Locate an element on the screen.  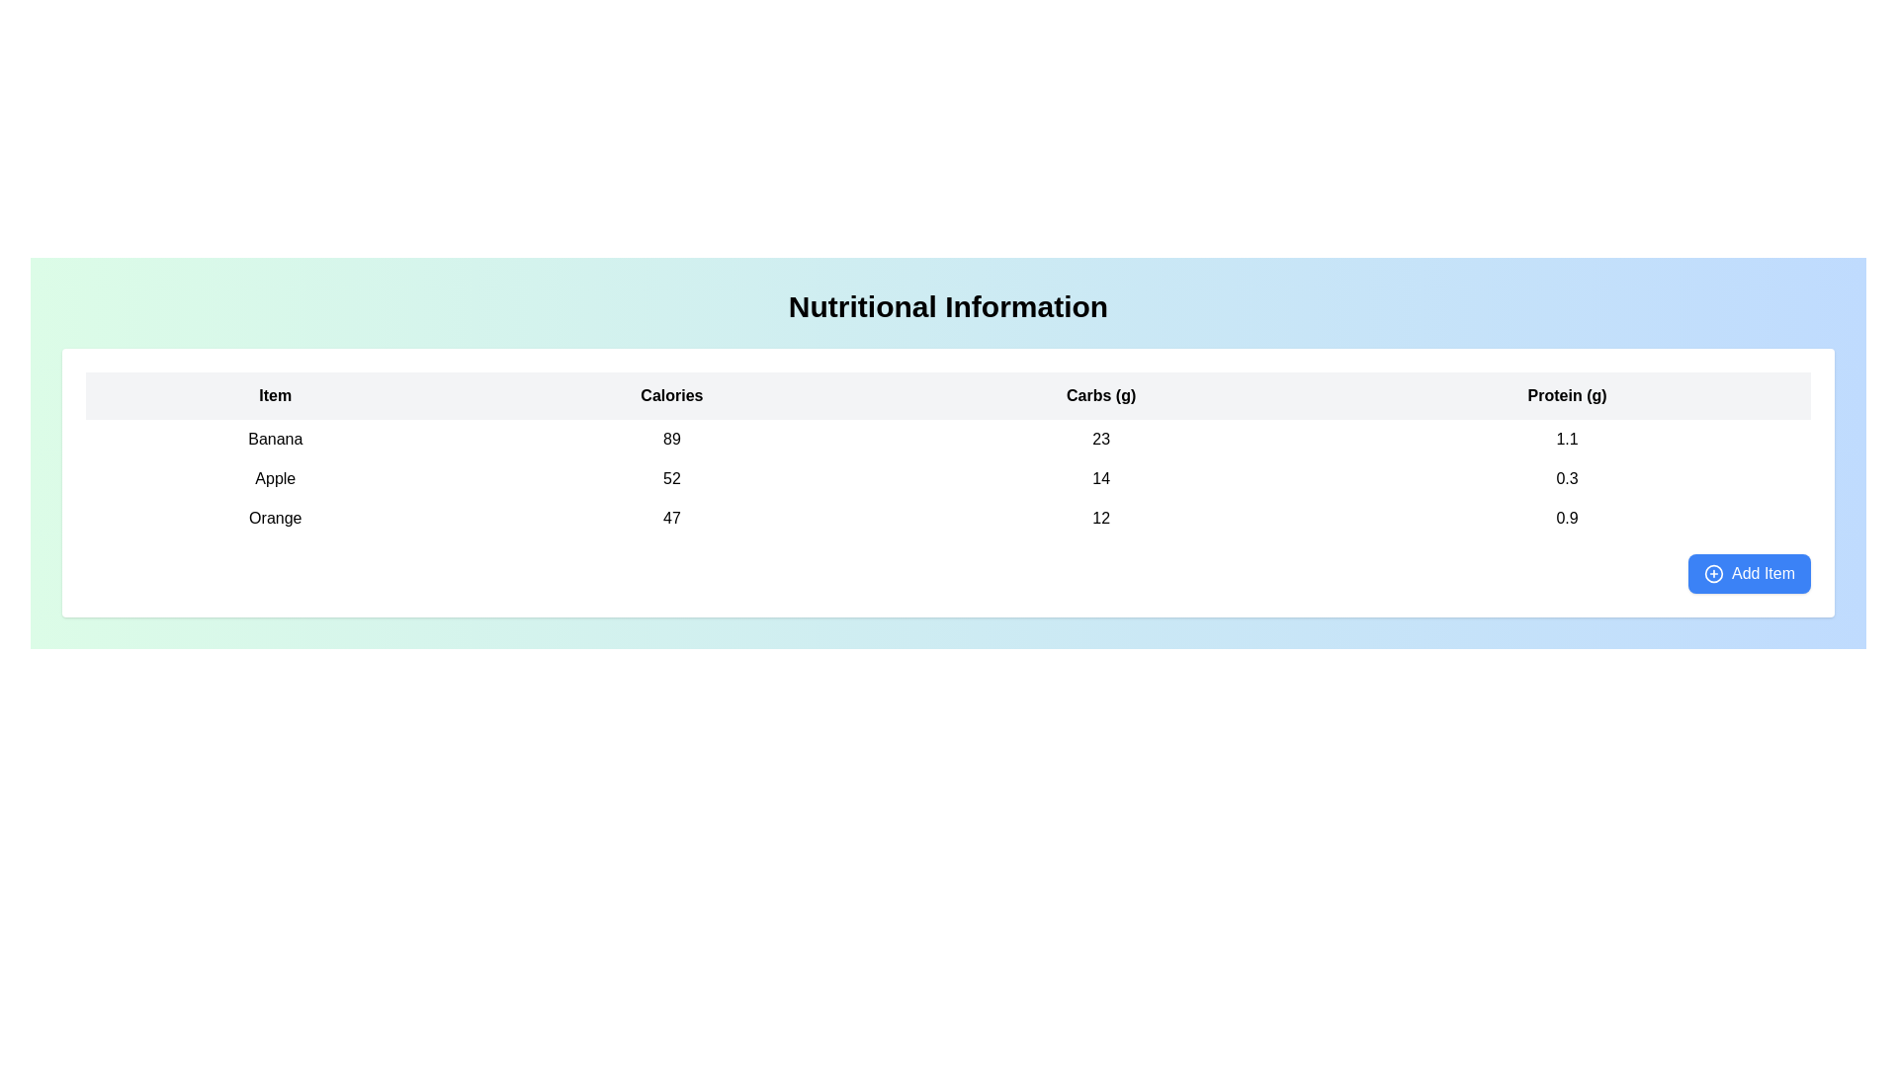
the static text label displaying 'Orange' in bold style, located in the third row under the 'Item' column of the table is located at coordinates (274, 517).